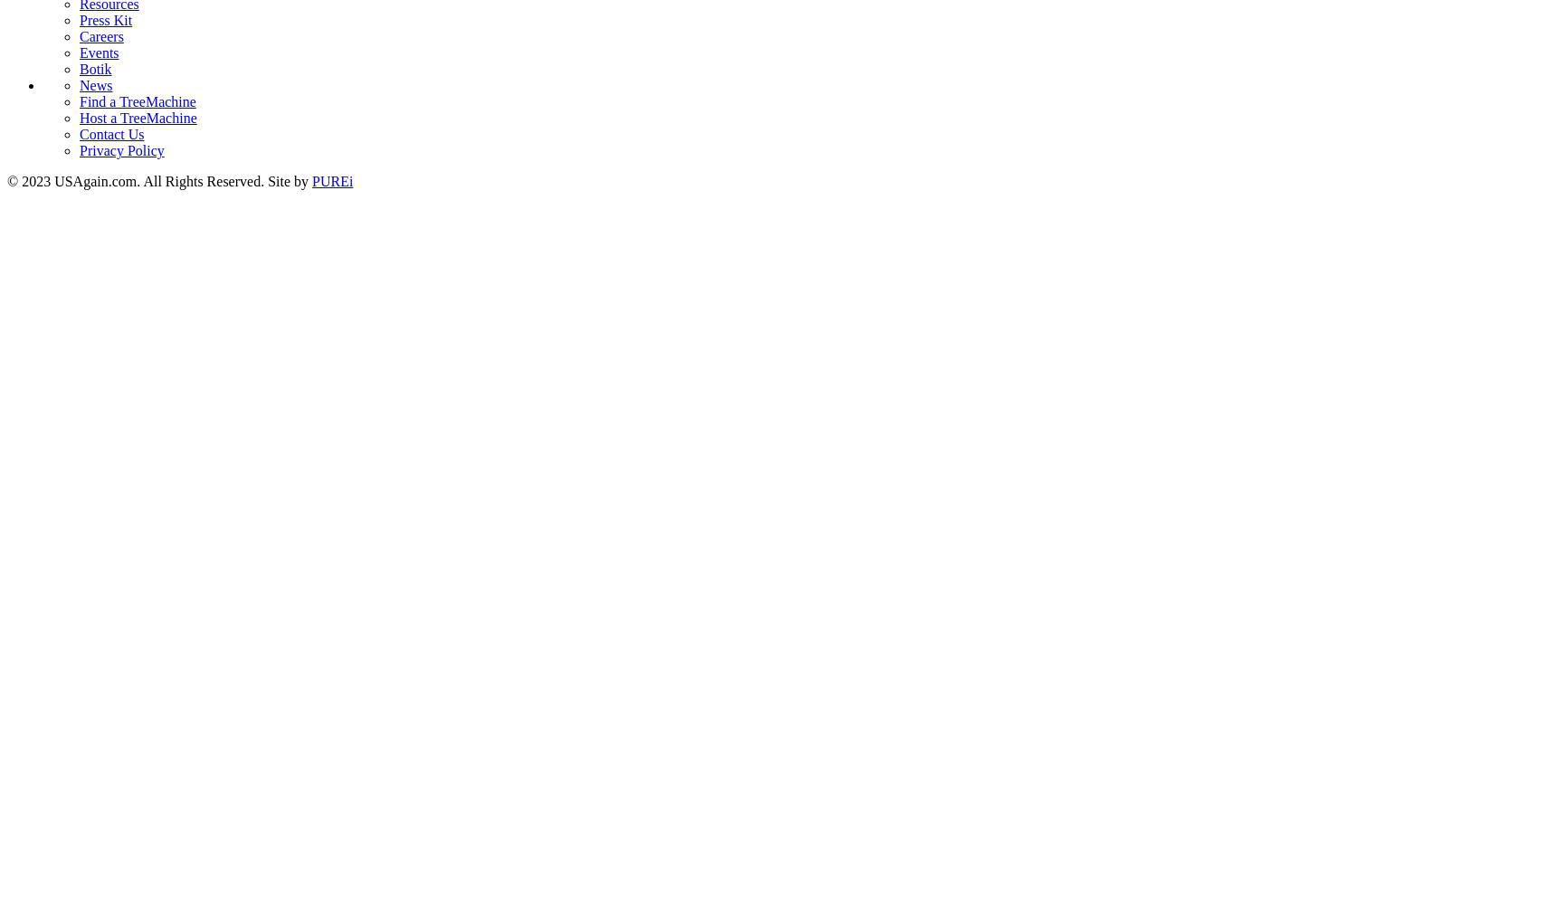  What do you see at coordinates (6, 179) in the screenshot?
I see `'© 2023 USAgain.com. All Rights Reserved. Site by'` at bounding box center [6, 179].